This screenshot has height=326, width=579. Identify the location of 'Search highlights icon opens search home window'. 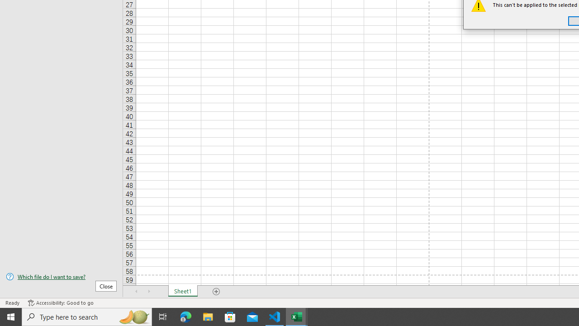
(133, 316).